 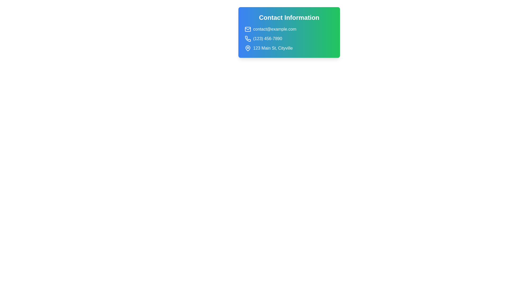 What do you see at coordinates (273, 48) in the screenshot?
I see `the static text display that presents the physical address in the 'Contact Information' section, located below the phone number and beside the pin icon` at bounding box center [273, 48].